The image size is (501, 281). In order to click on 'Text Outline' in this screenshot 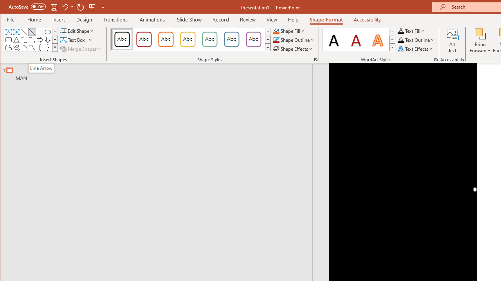, I will do `click(416, 40)`.